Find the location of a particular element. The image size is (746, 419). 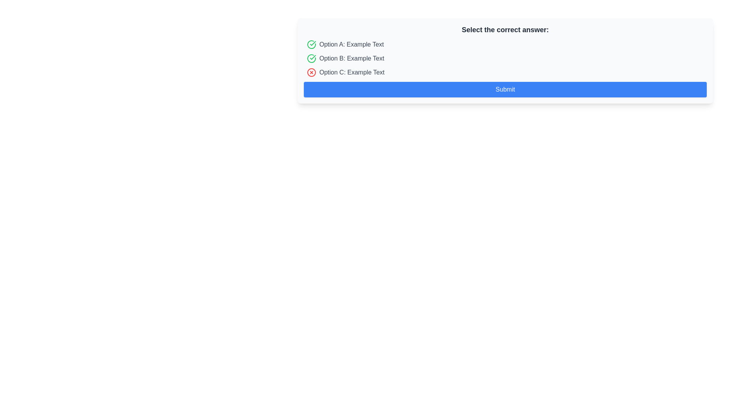

the static text label that describes an option in a selectable list, positioned immediately after the green check mark icon is located at coordinates (351, 45).